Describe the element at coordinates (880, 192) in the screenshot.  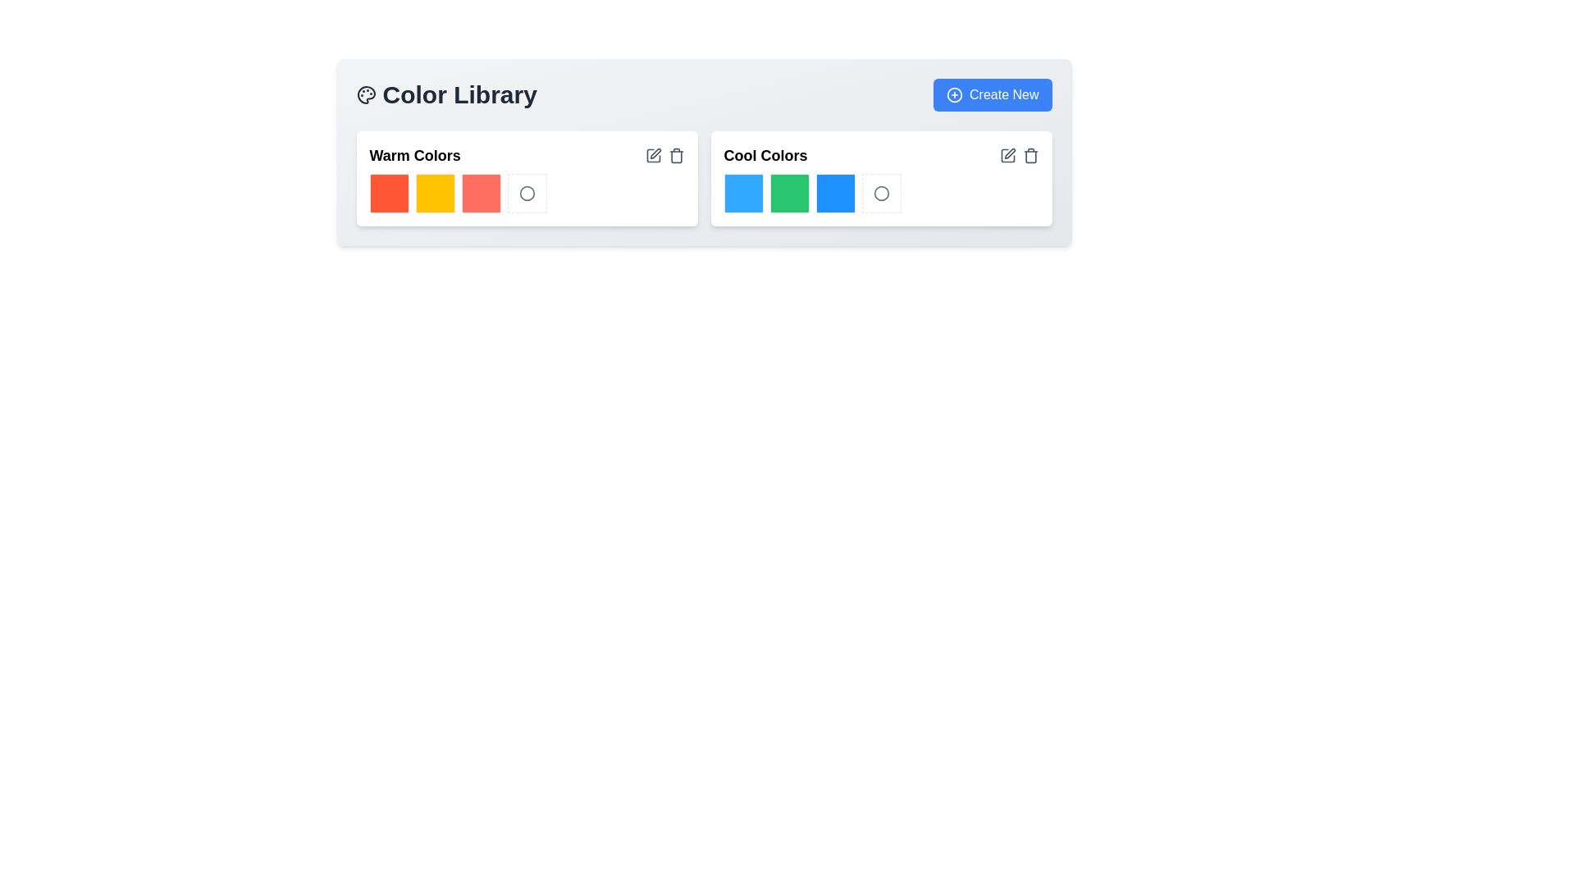
I see `the fourth button with a nested icon in the 'Cool Colors' section, used for adding a new color` at that location.